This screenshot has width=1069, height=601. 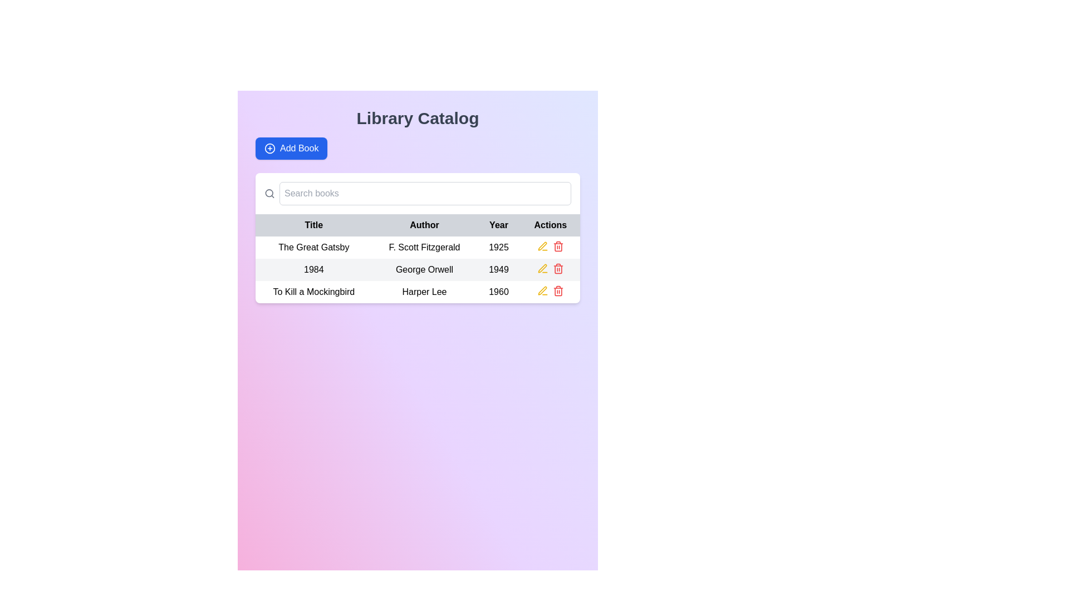 What do you see at coordinates (558, 268) in the screenshot?
I see `the red trash can icon button located in the 'Actions' column of the table, specifically the rightmost action in the last row for the book 'To Kill a Mockingbird' to change its color` at bounding box center [558, 268].